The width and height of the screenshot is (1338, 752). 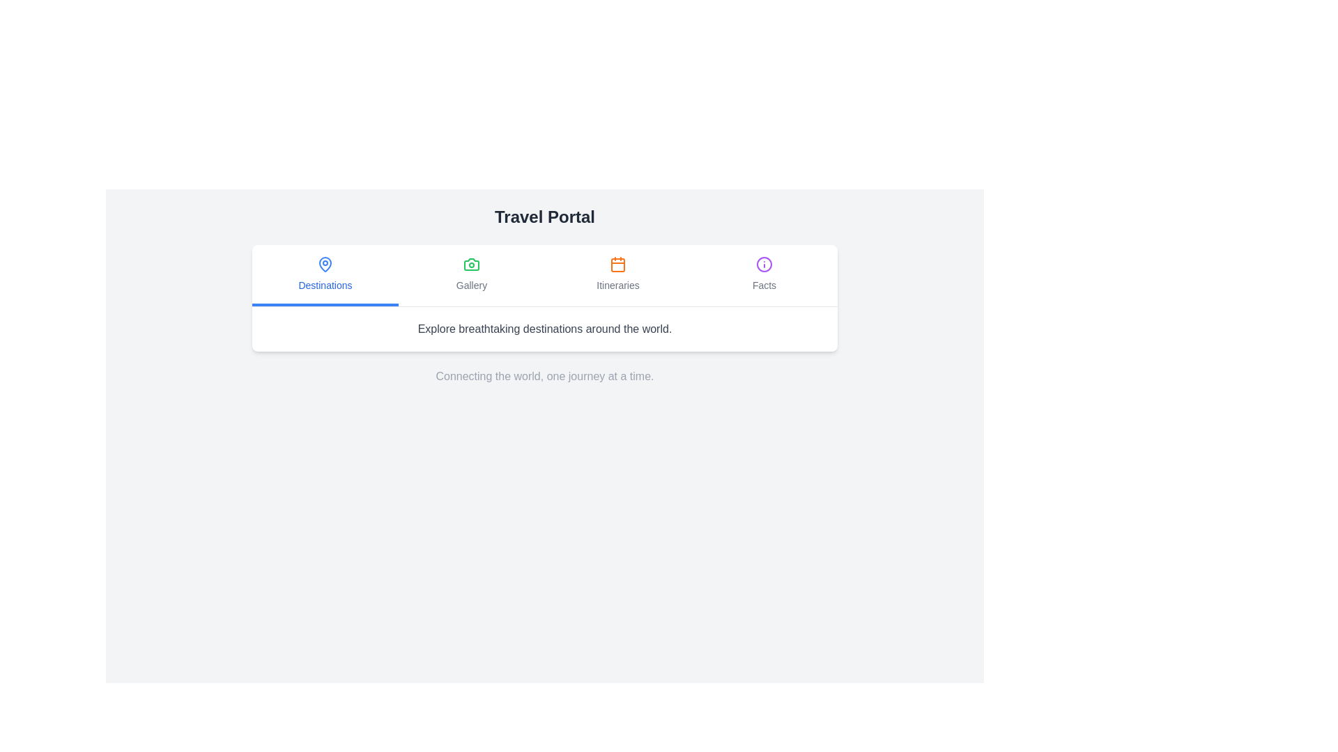 What do you see at coordinates (617, 265) in the screenshot?
I see `the SVG rectangle element that represents the body of the 'Itineraries' calendar icon, which is visually distinguishable due to its central position and design` at bounding box center [617, 265].